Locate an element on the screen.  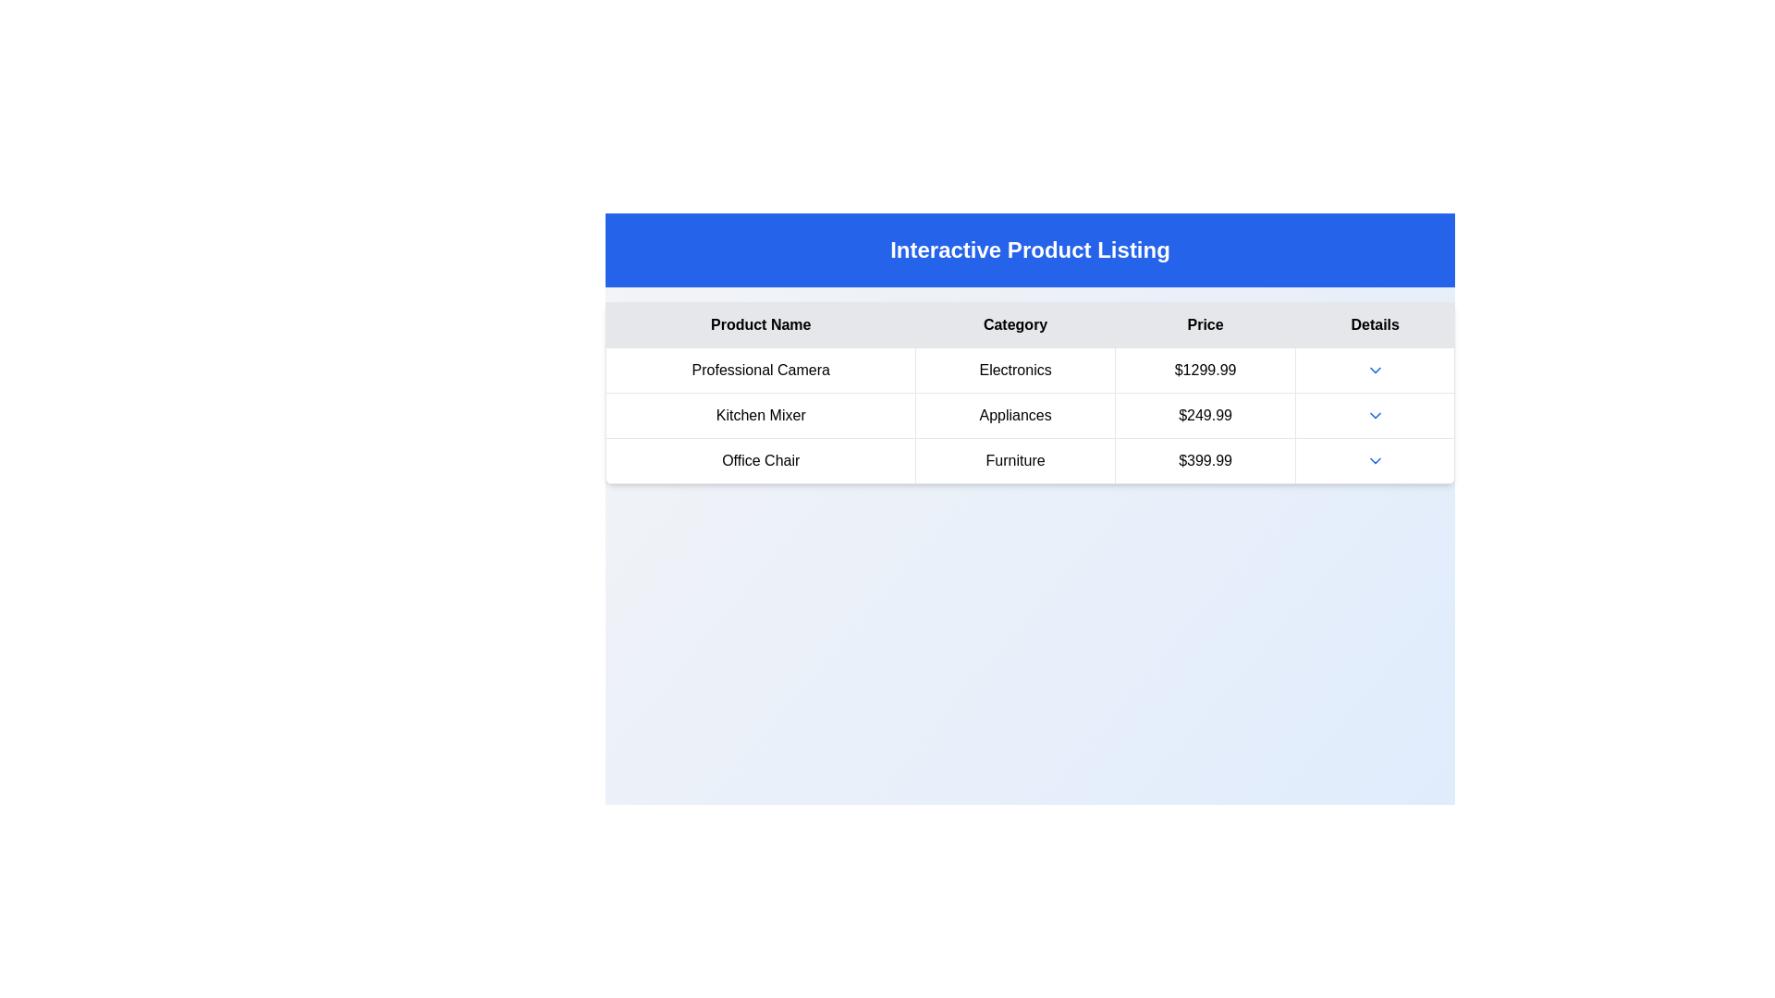
the static text field that displays the price of the 'Office Chair', located in the third row under the 'Price' column, positioned between the 'Furniture' cell and the 'Details' section is located at coordinates (1206, 459).